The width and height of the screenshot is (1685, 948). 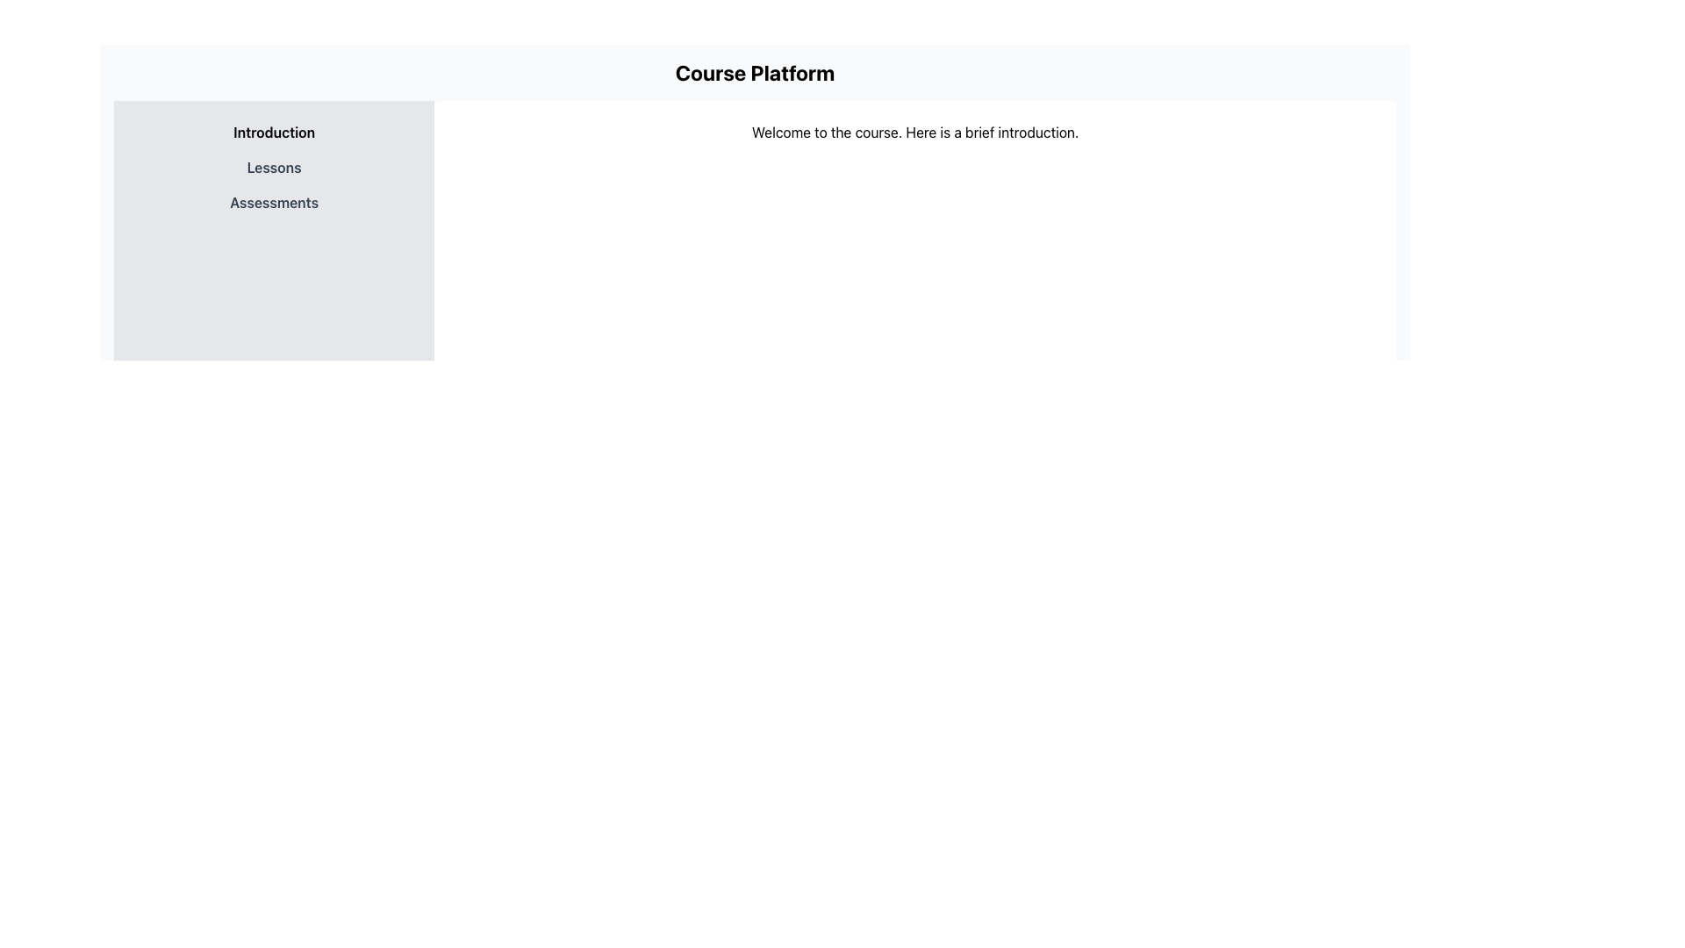 I want to click on the 'Lessons' text label located in the vertical menu list, so click(x=273, y=168).